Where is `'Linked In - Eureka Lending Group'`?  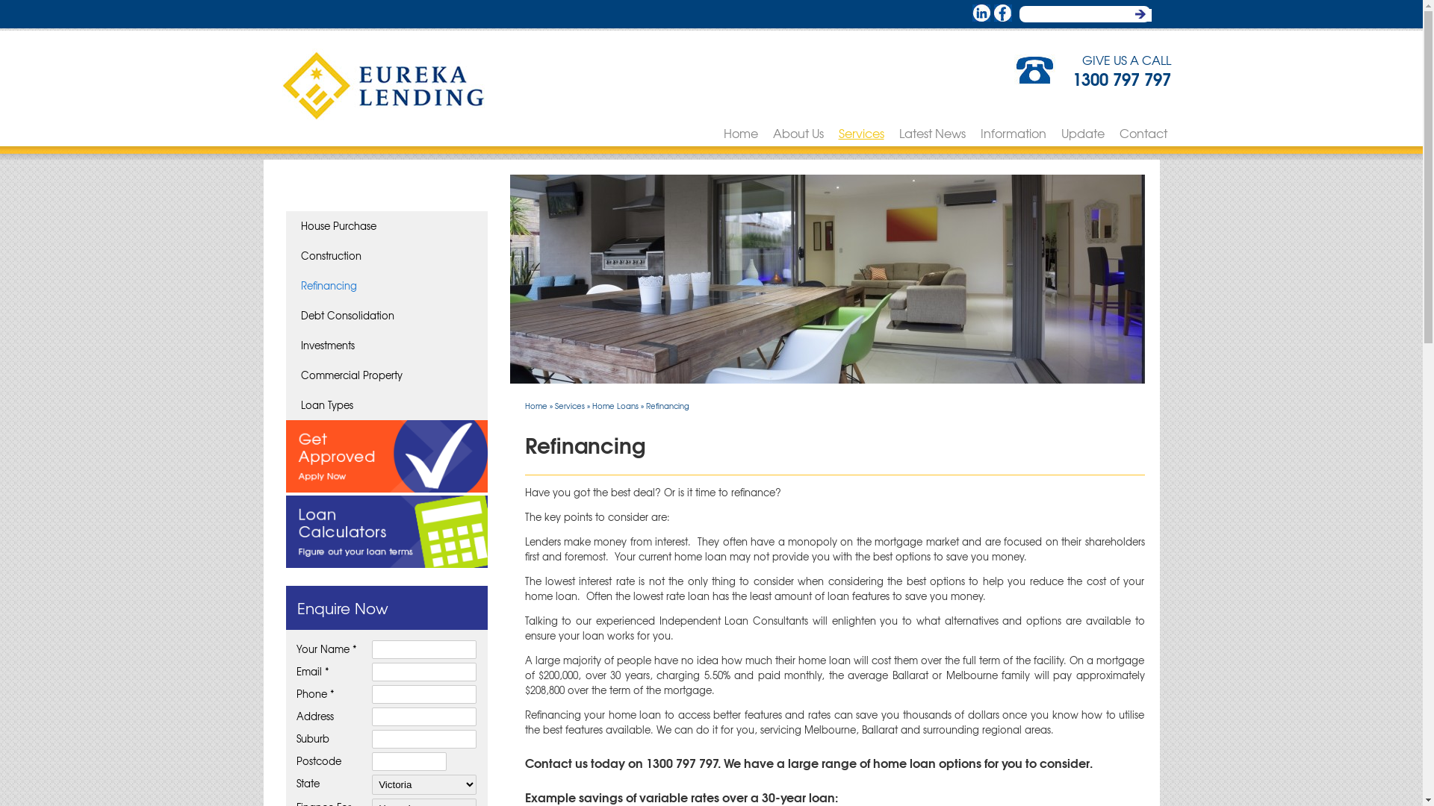 'Linked In - Eureka Lending Group' is located at coordinates (981, 13).